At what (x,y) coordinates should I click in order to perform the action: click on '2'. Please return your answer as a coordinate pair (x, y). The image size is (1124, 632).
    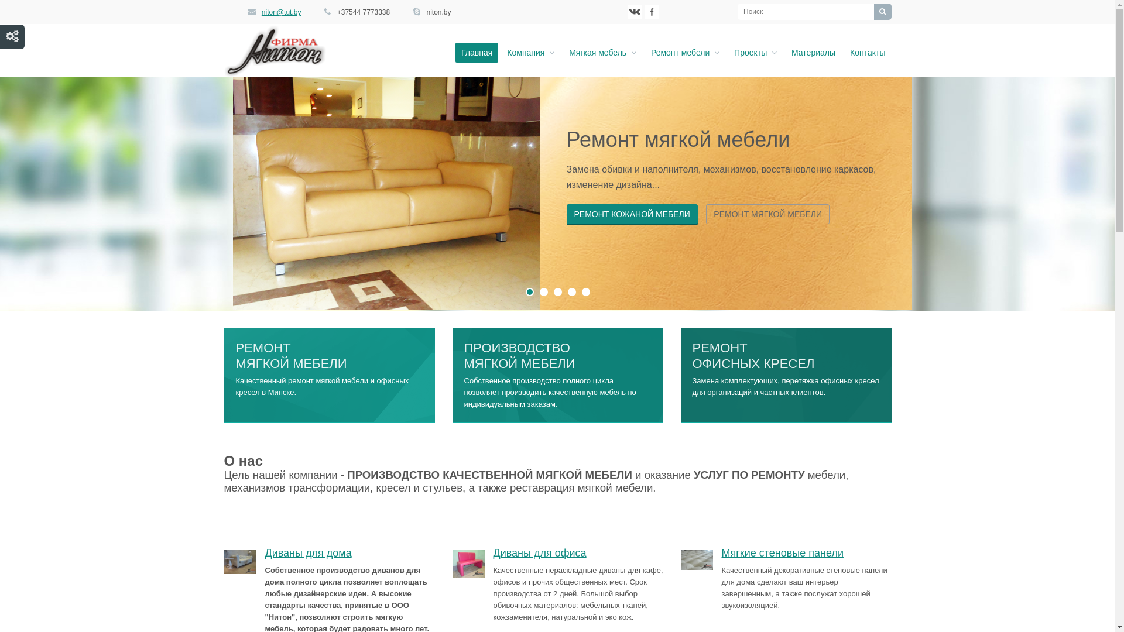
    Looking at the image, I should click on (543, 291).